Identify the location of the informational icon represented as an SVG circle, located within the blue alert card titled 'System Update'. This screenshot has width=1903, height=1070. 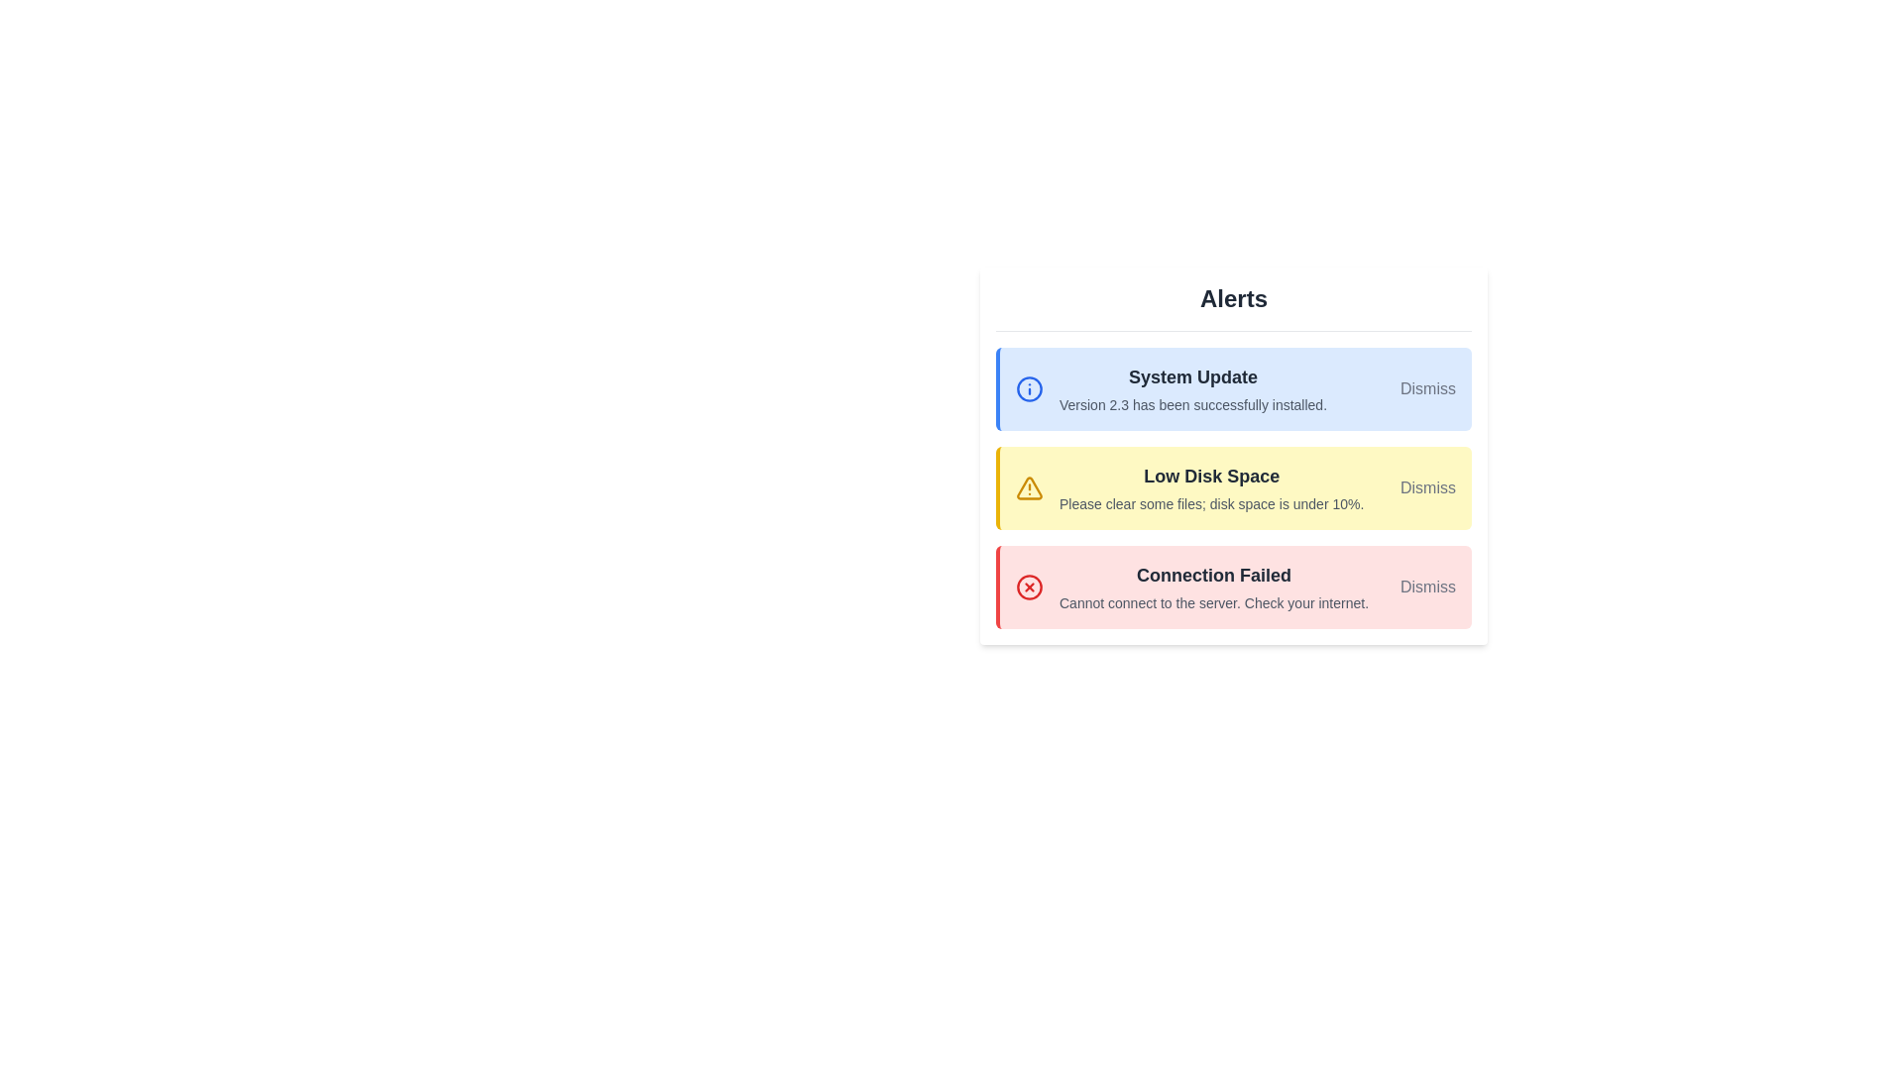
(1029, 389).